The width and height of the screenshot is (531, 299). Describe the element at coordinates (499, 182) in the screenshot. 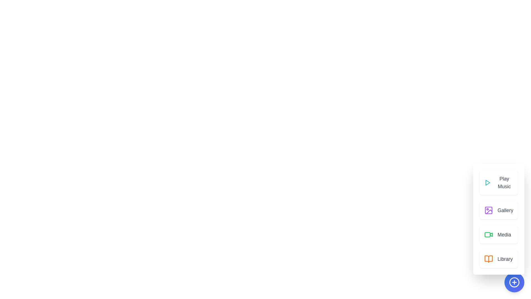

I see `the Play Music button to access the respective media content` at that location.